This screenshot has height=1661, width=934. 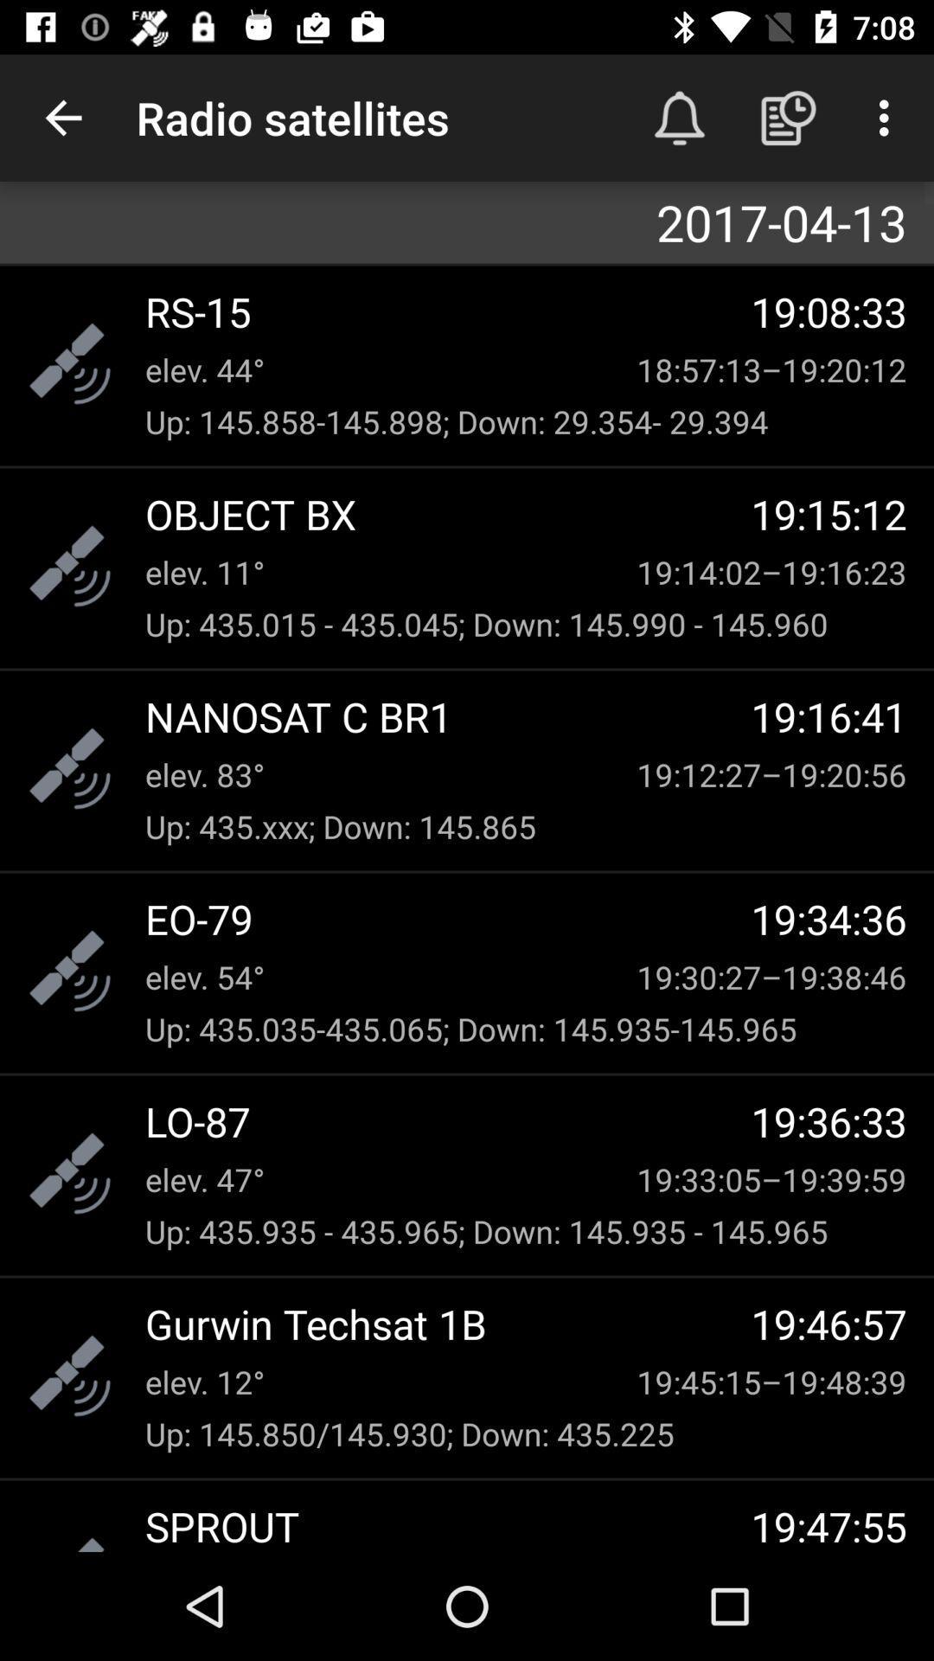 What do you see at coordinates (788, 117) in the screenshot?
I see `icon above the 2017-04-13` at bounding box center [788, 117].